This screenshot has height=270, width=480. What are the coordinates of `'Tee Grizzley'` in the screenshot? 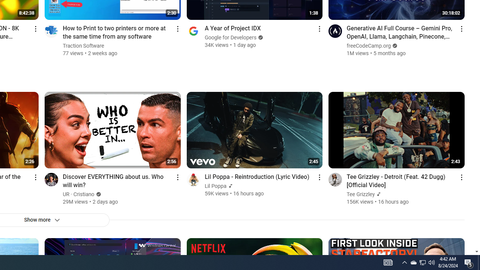 It's located at (361, 194).